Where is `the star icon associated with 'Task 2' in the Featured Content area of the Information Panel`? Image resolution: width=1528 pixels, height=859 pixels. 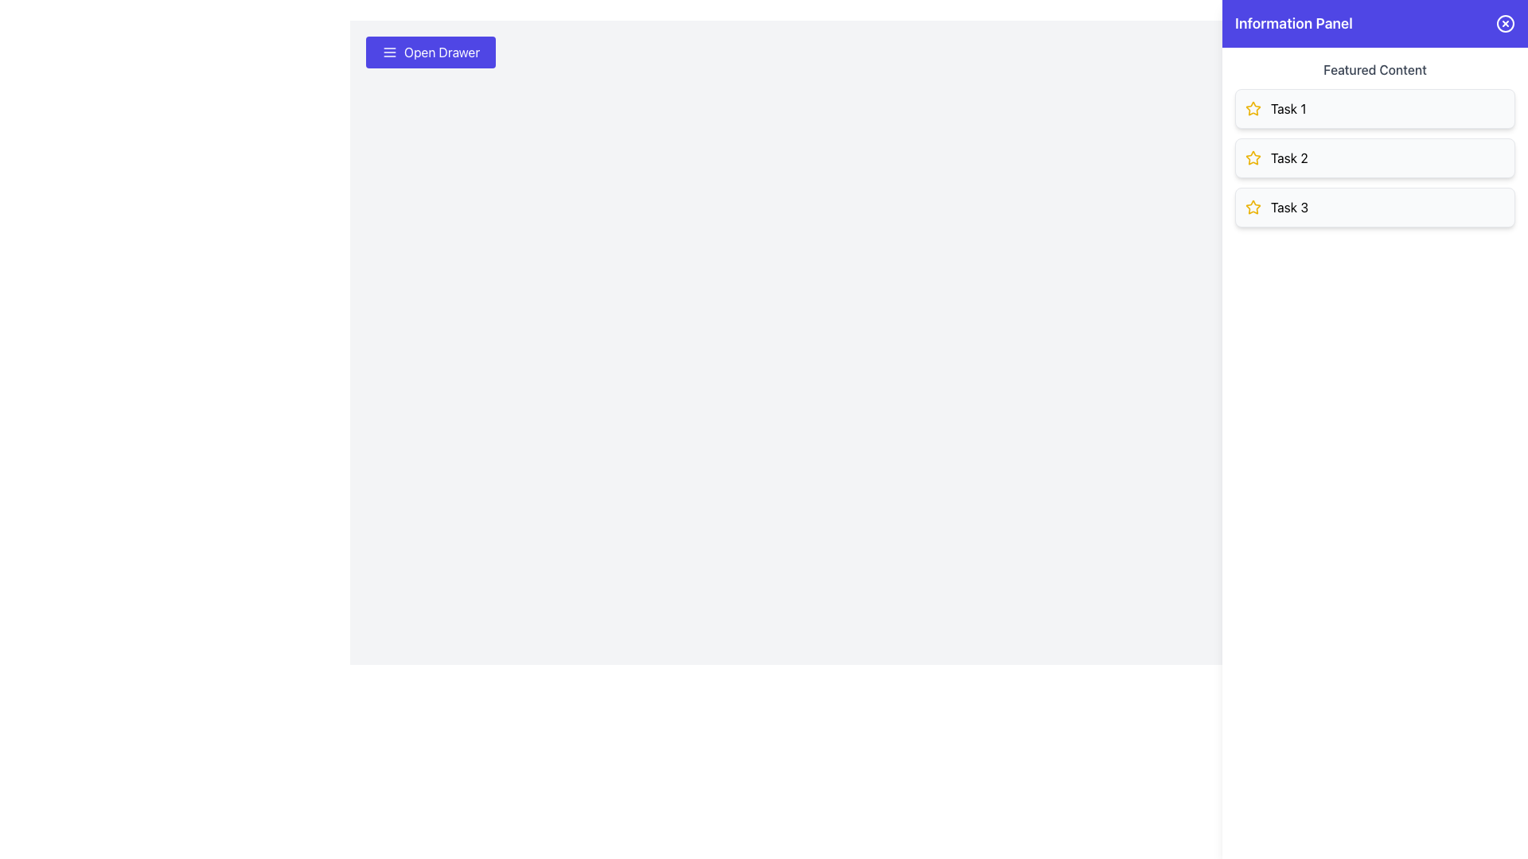
the star icon associated with 'Task 2' in the Featured Content area of the Information Panel is located at coordinates (1252, 158).